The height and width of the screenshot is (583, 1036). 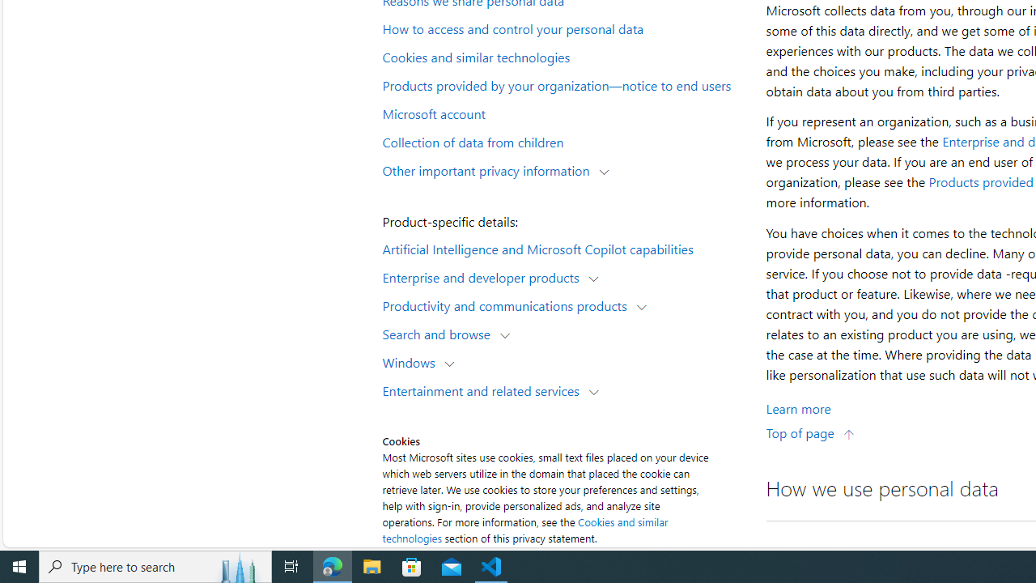 What do you see at coordinates (413, 361) in the screenshot?
I see `'Windows'` at bounding box center [413, 361].